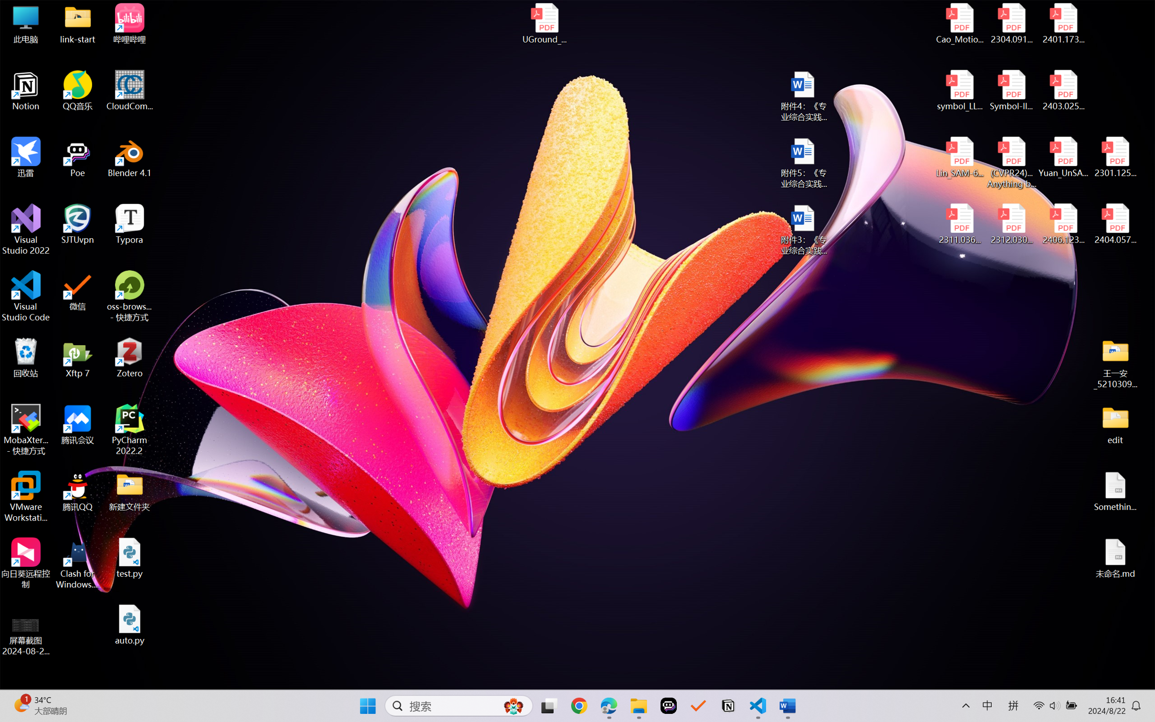 The height and width of the screenshot is (722, 1155). What do you see at coordinates (960, 91) in the screenshot?
I see `'symbol_LLM.pdf'` at bounding box center [960, 91].